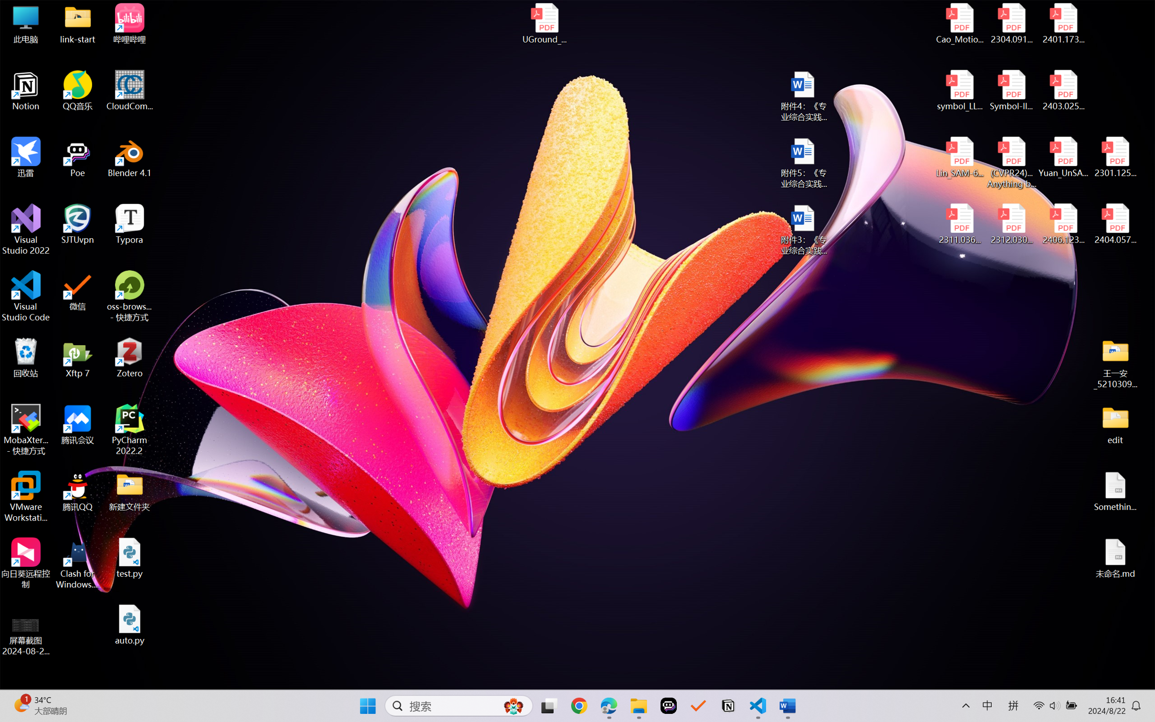 The height and width of the screenshot is (722, 1155). What do you see at coordinates (960, 91) in the screenshot?
I see `'symbol_LLM.pdf'` at bounding box center [960, 91].